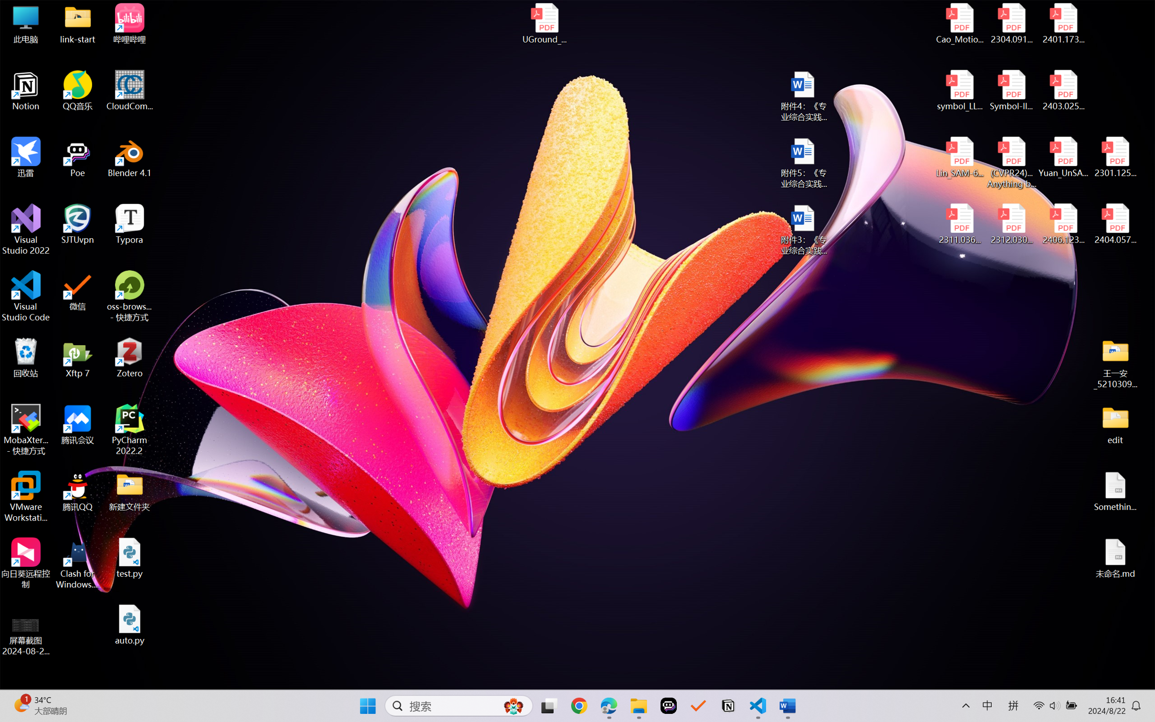 The height and width of the screenshot is (722, 1155). What do you see at coordinates (960, 91) in the screenshot?
I see `'symbol_LLM.pdf'` at bounding box center [960, 91].